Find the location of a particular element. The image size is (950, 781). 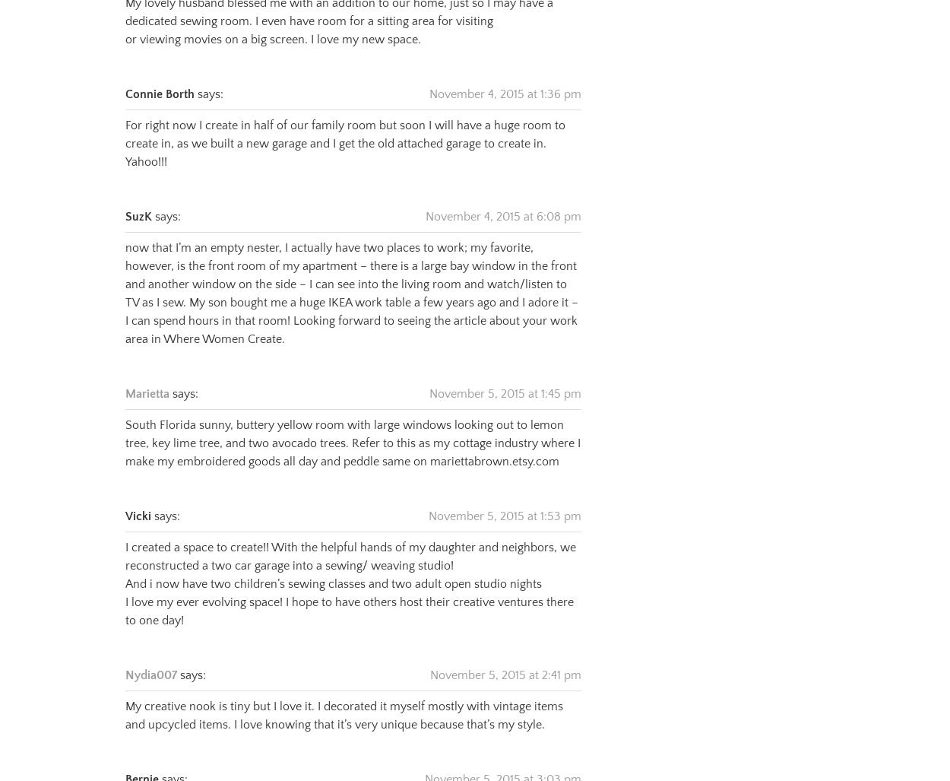

'or viewing movies on a big screen.  I love my new space.' is located at coordinates (272, 21).